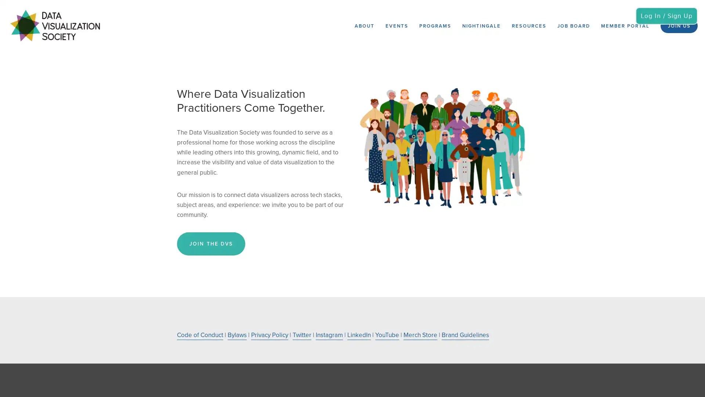 This screenshot has height=397, width=705. Describe the element at coordinates (668, 16) in the screenshot. I see `Log In / Sign Up` at that location.